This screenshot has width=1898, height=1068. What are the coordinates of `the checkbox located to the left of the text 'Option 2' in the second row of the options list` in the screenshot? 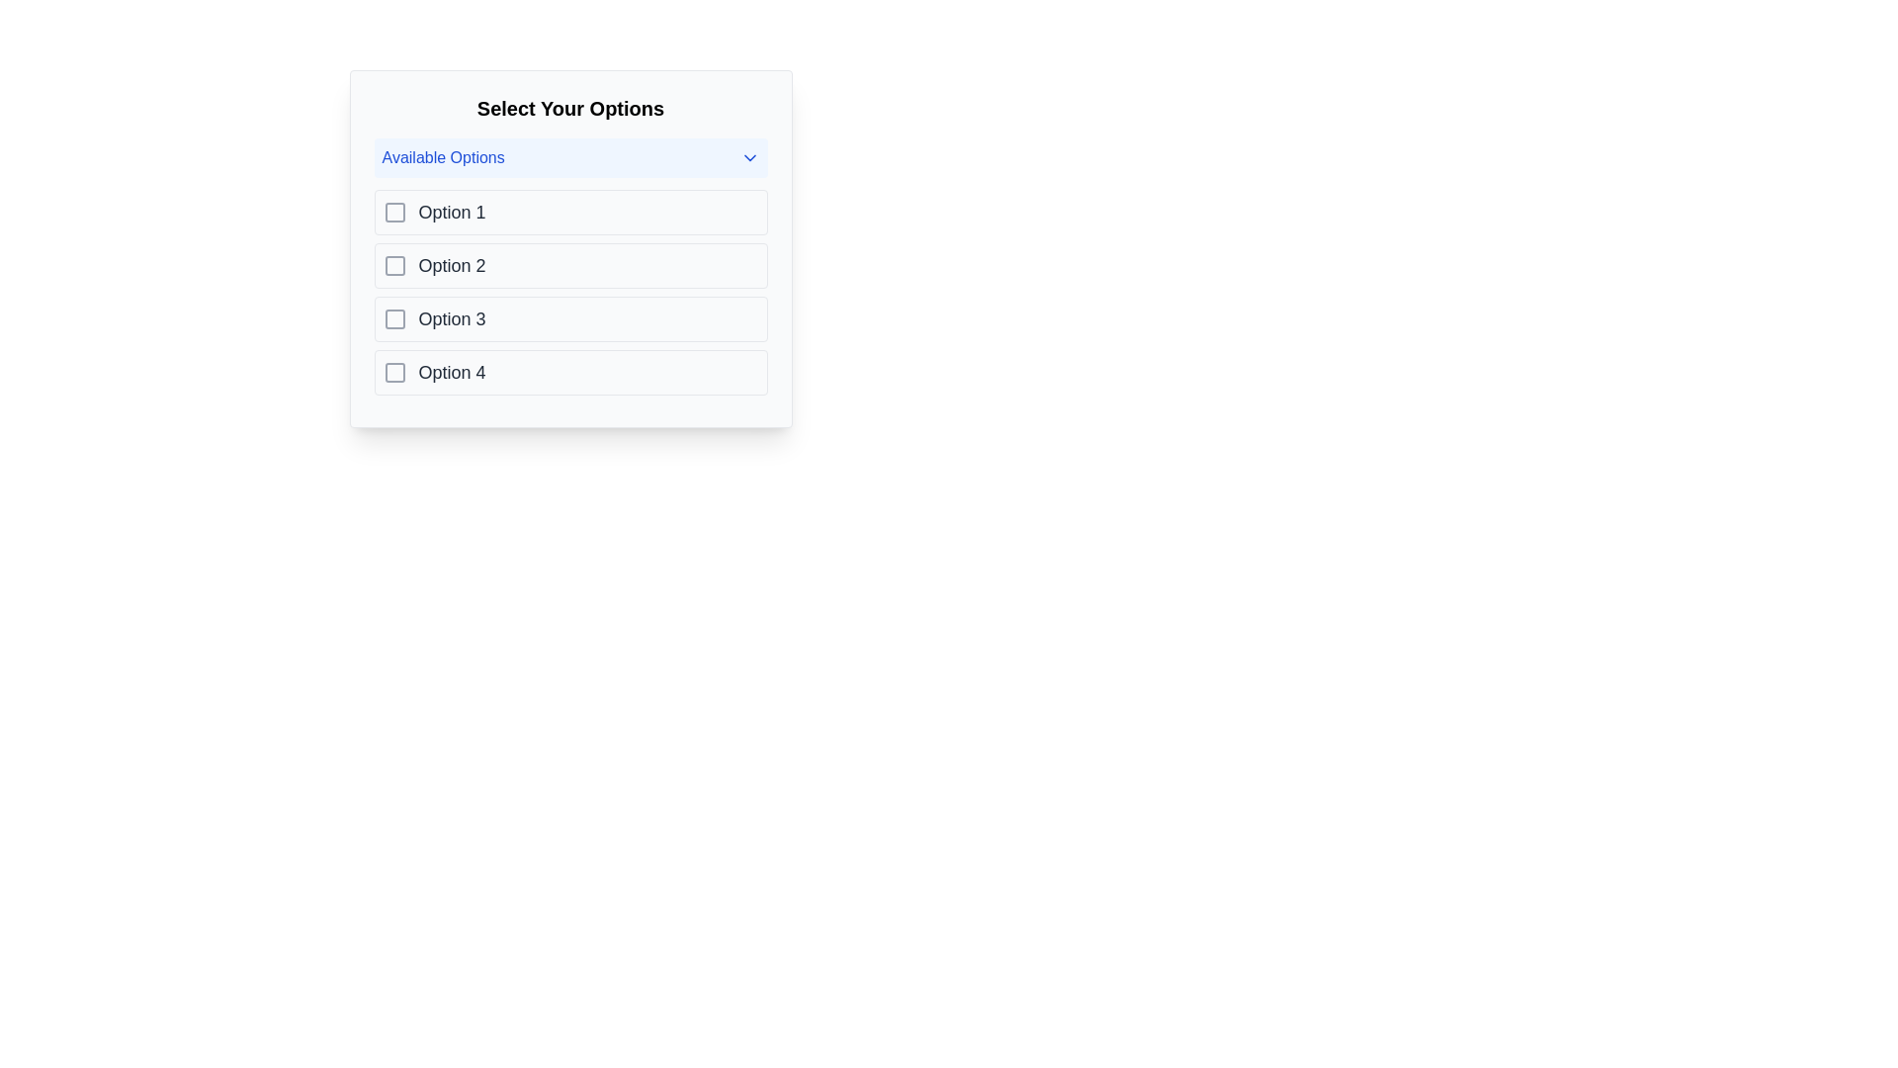 It's located at (394, 265).